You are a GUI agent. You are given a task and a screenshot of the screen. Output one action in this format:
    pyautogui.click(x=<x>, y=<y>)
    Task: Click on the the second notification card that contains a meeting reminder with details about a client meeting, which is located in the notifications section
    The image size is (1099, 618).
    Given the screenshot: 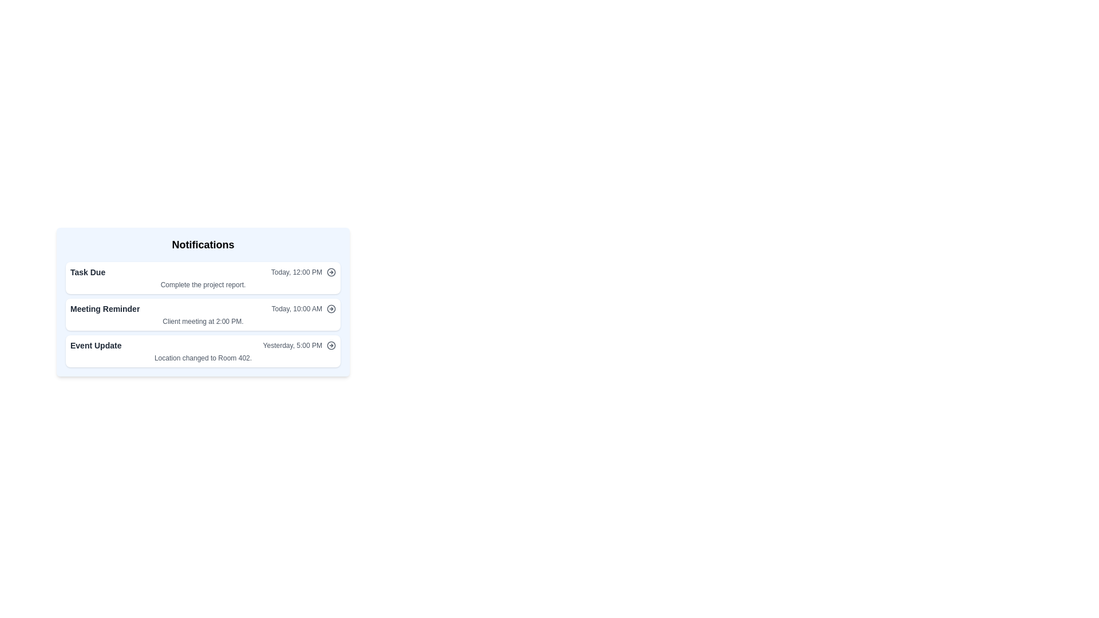 What is the action you would take?
    pyautogui.click(x=203, y=315)
    